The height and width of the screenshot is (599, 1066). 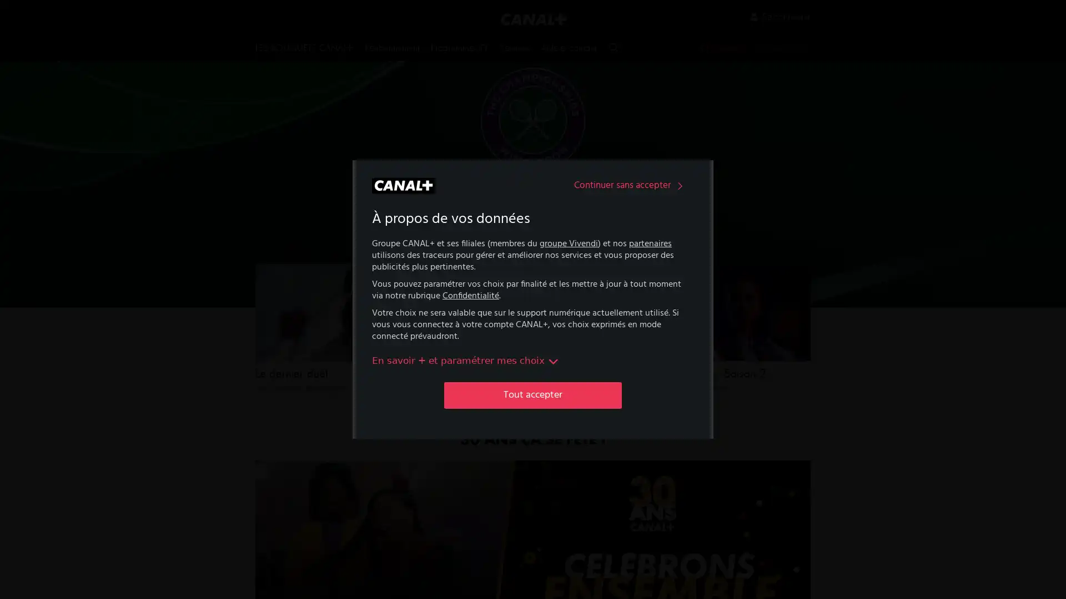 What do you see at coordinates (533, 255) in the screenshot?
I see `Gambie` at bounding box center [533, 255].